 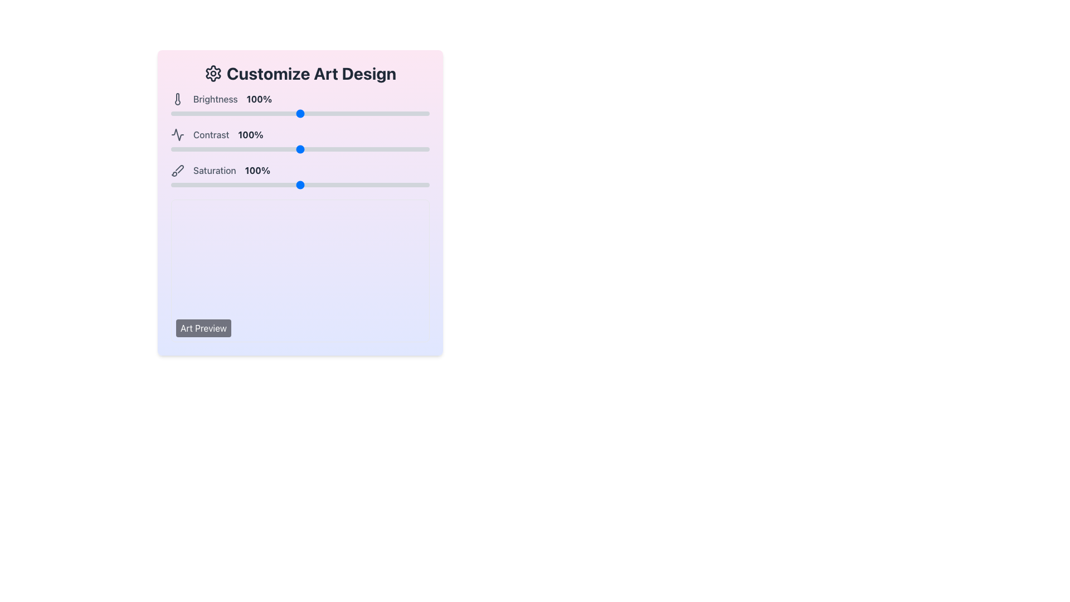 I want to click on the contrast level, so click(x=366, y=148).